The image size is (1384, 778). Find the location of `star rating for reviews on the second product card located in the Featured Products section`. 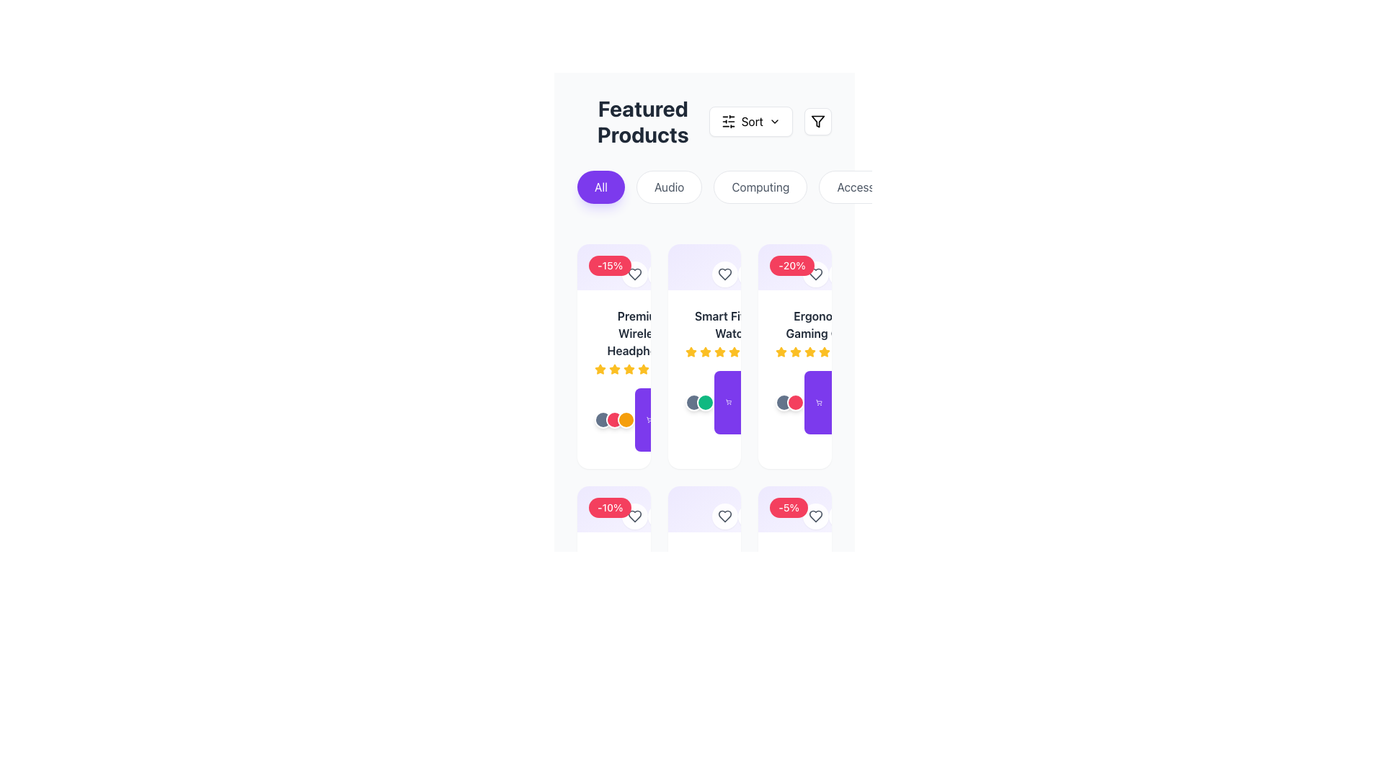

star rating for reviews on the second product card located in the Featured Products section is located at coordinates (704, 356).